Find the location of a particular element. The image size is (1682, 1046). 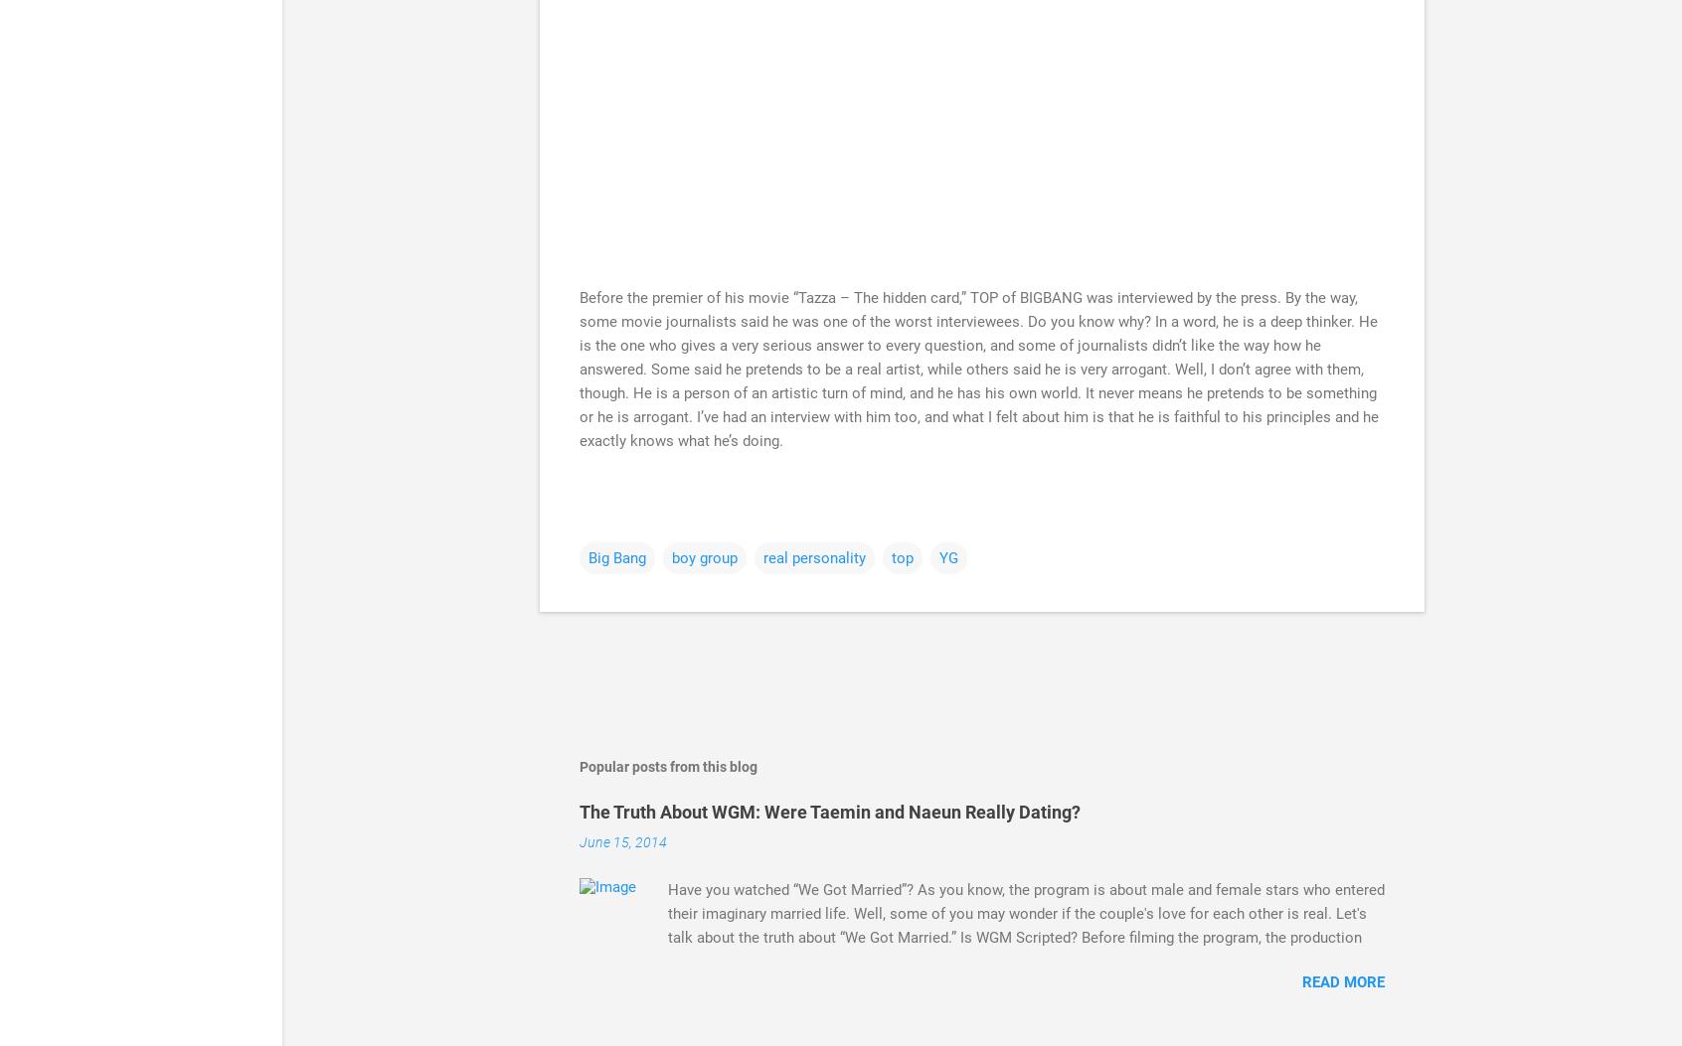

'boy group' is located at coordinates (703, 556).